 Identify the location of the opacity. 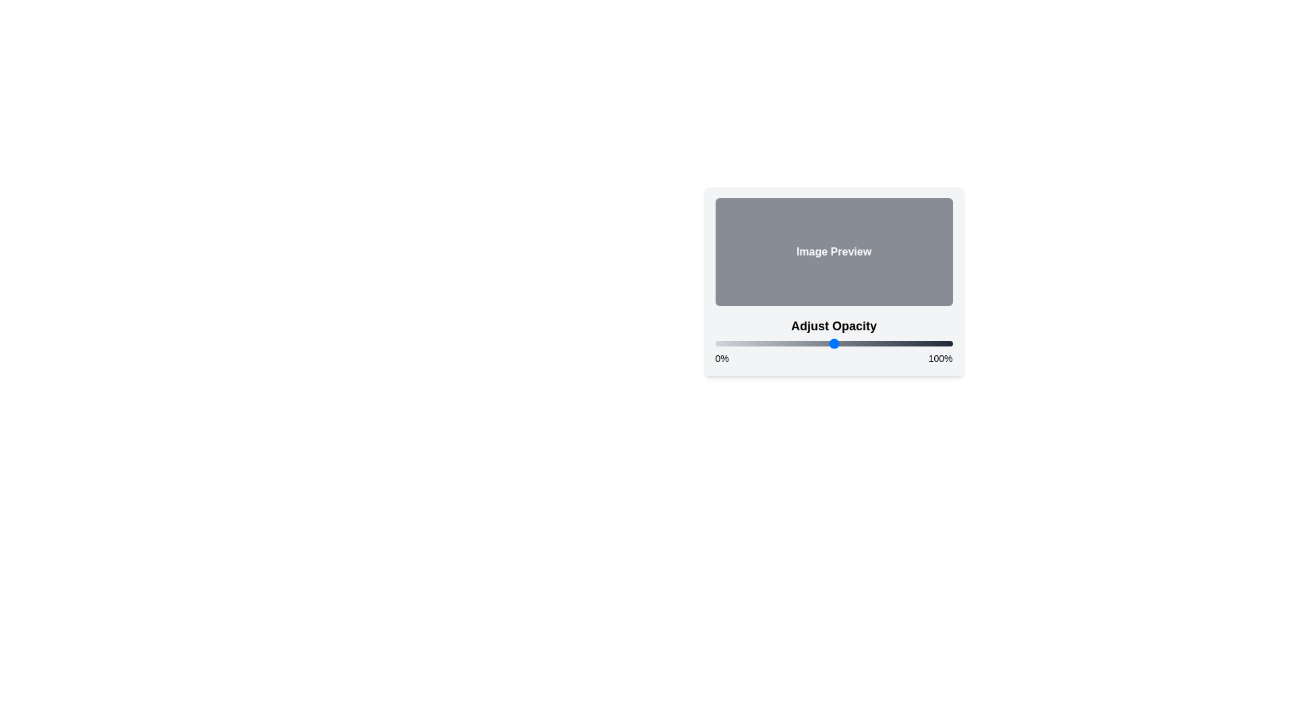
(865, 342).